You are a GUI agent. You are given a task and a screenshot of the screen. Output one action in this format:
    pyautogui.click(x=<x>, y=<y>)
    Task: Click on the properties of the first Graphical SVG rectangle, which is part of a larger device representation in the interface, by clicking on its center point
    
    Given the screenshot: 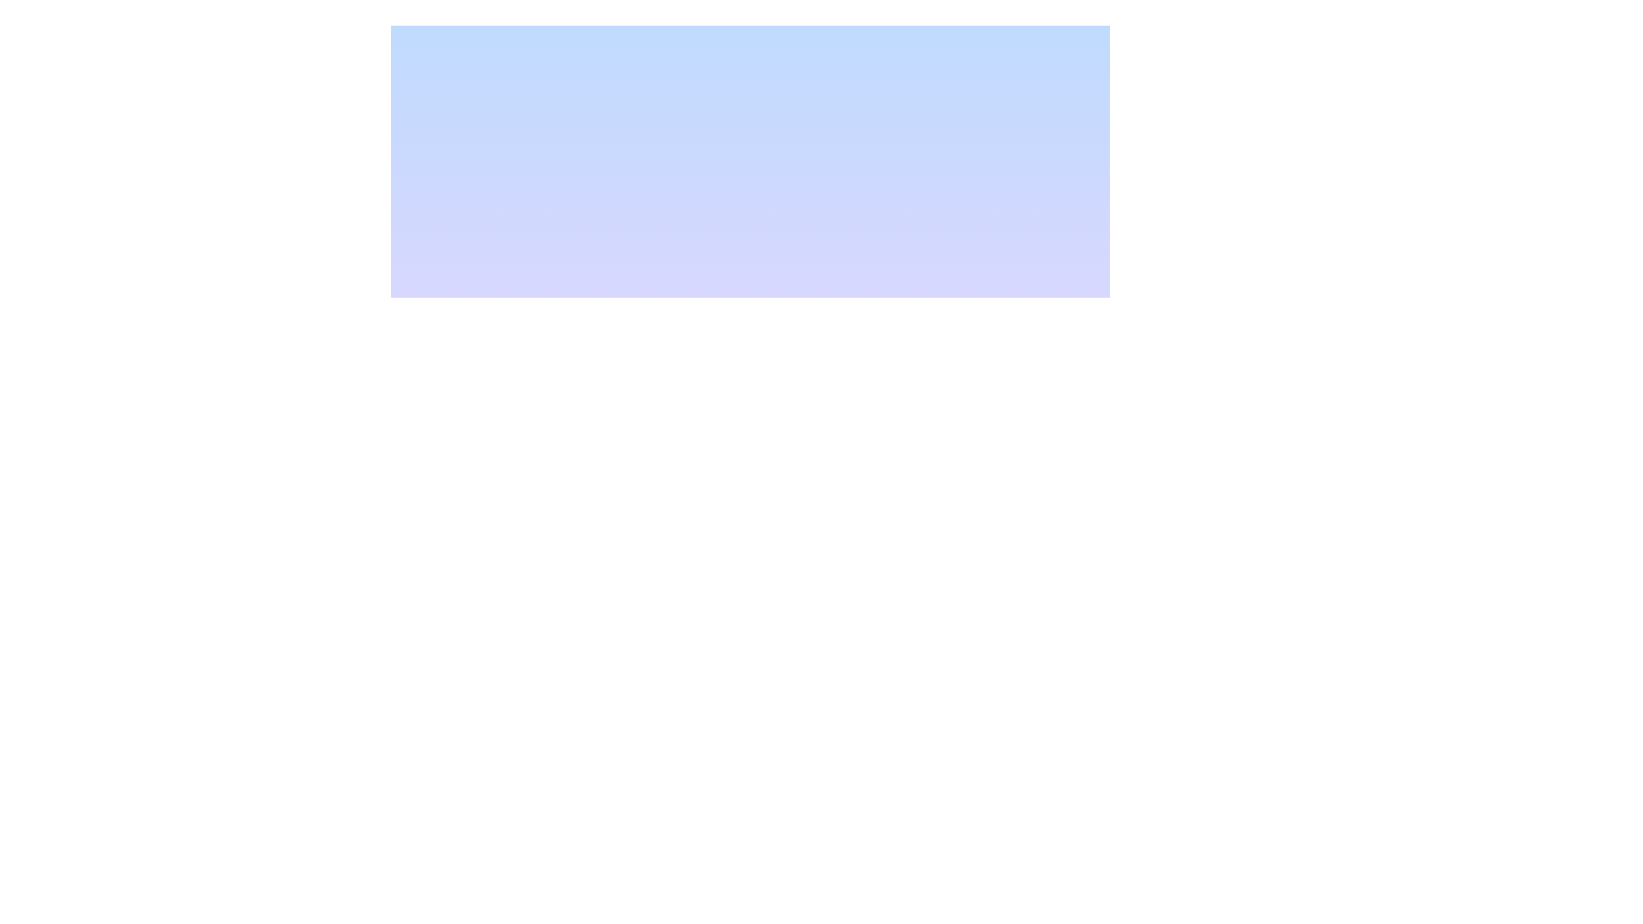 What is the action you would take?
    pyautogui.click(x=800, y=425)
    